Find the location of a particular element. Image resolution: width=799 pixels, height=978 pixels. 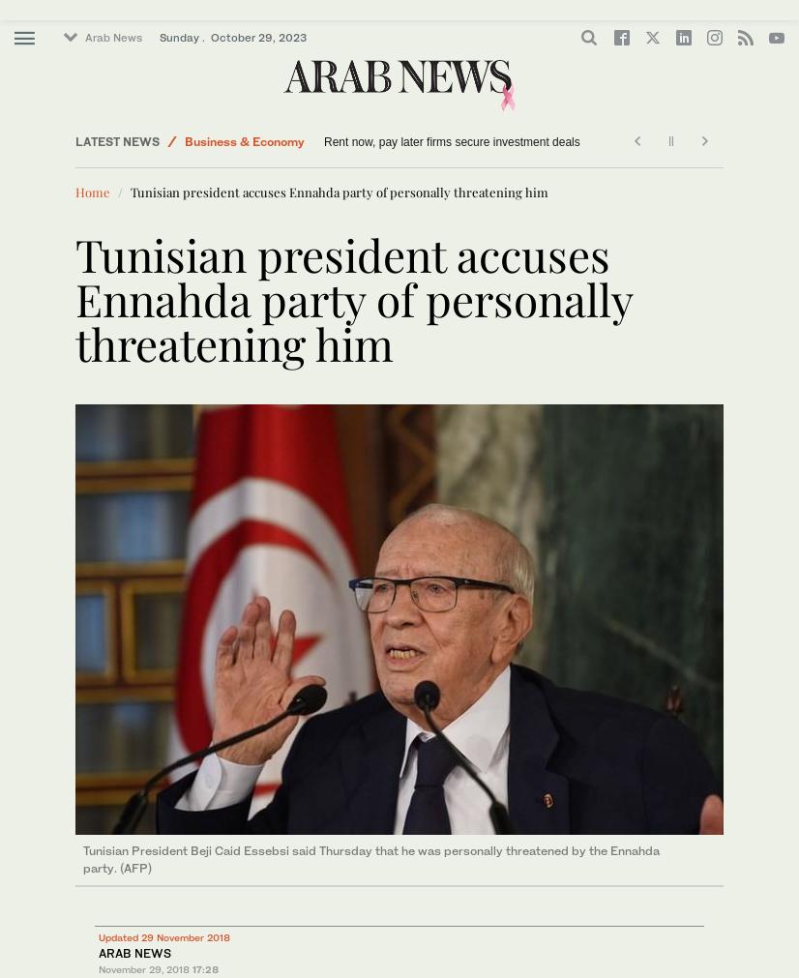

'Tunisian President Beji Caid Essebsi said Thursday that he was personally threatened by the Ennahda party. (AFP)' is located at coordinates (371, 859).